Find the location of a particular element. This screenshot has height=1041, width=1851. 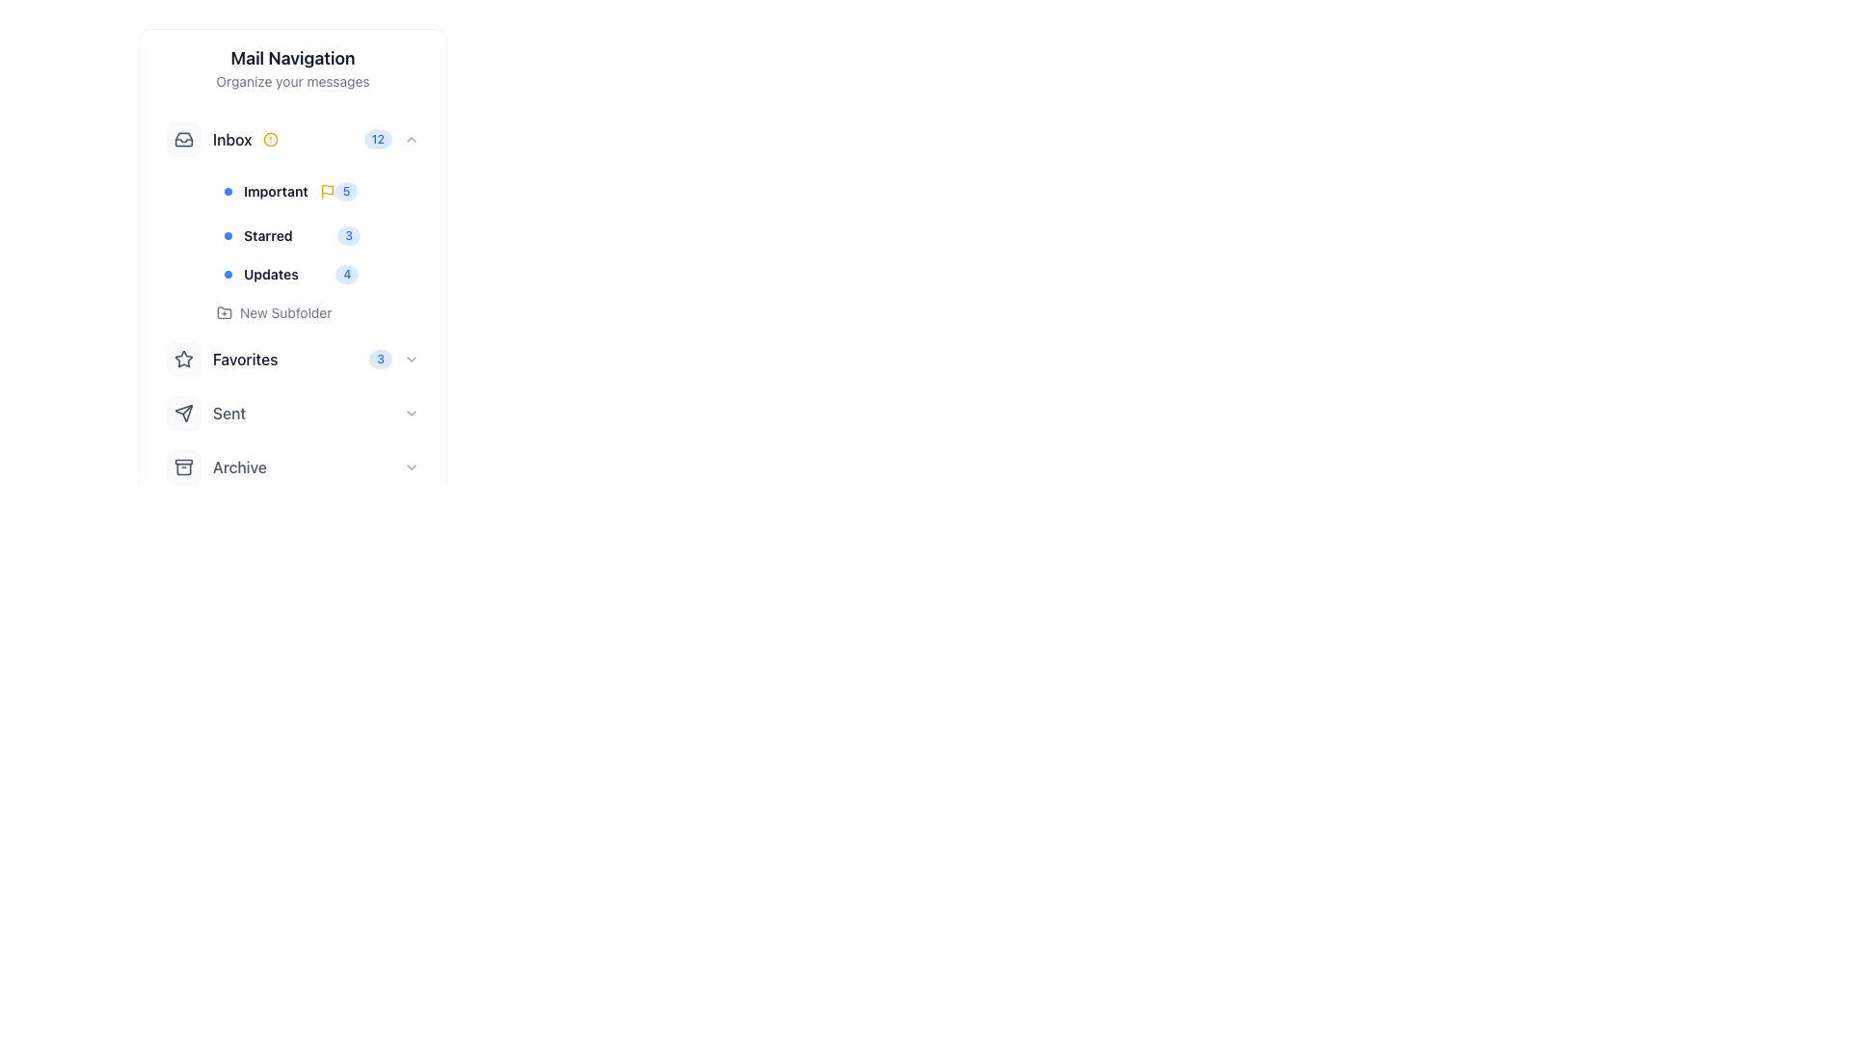

the List item in the 'Mail Navigation' section that indicates important emails and unread counts is located at coordinates (315, 192).